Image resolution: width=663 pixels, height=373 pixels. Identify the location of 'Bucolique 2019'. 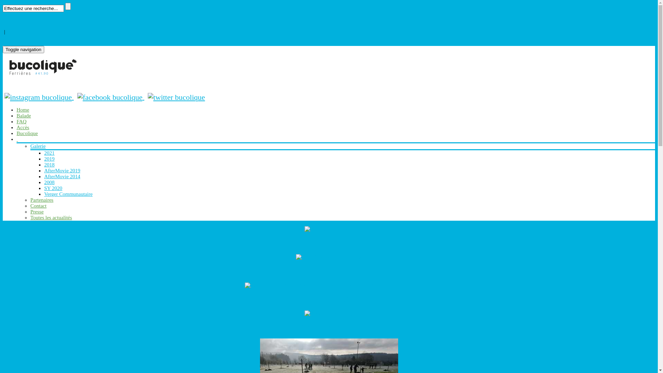
(328, 299).